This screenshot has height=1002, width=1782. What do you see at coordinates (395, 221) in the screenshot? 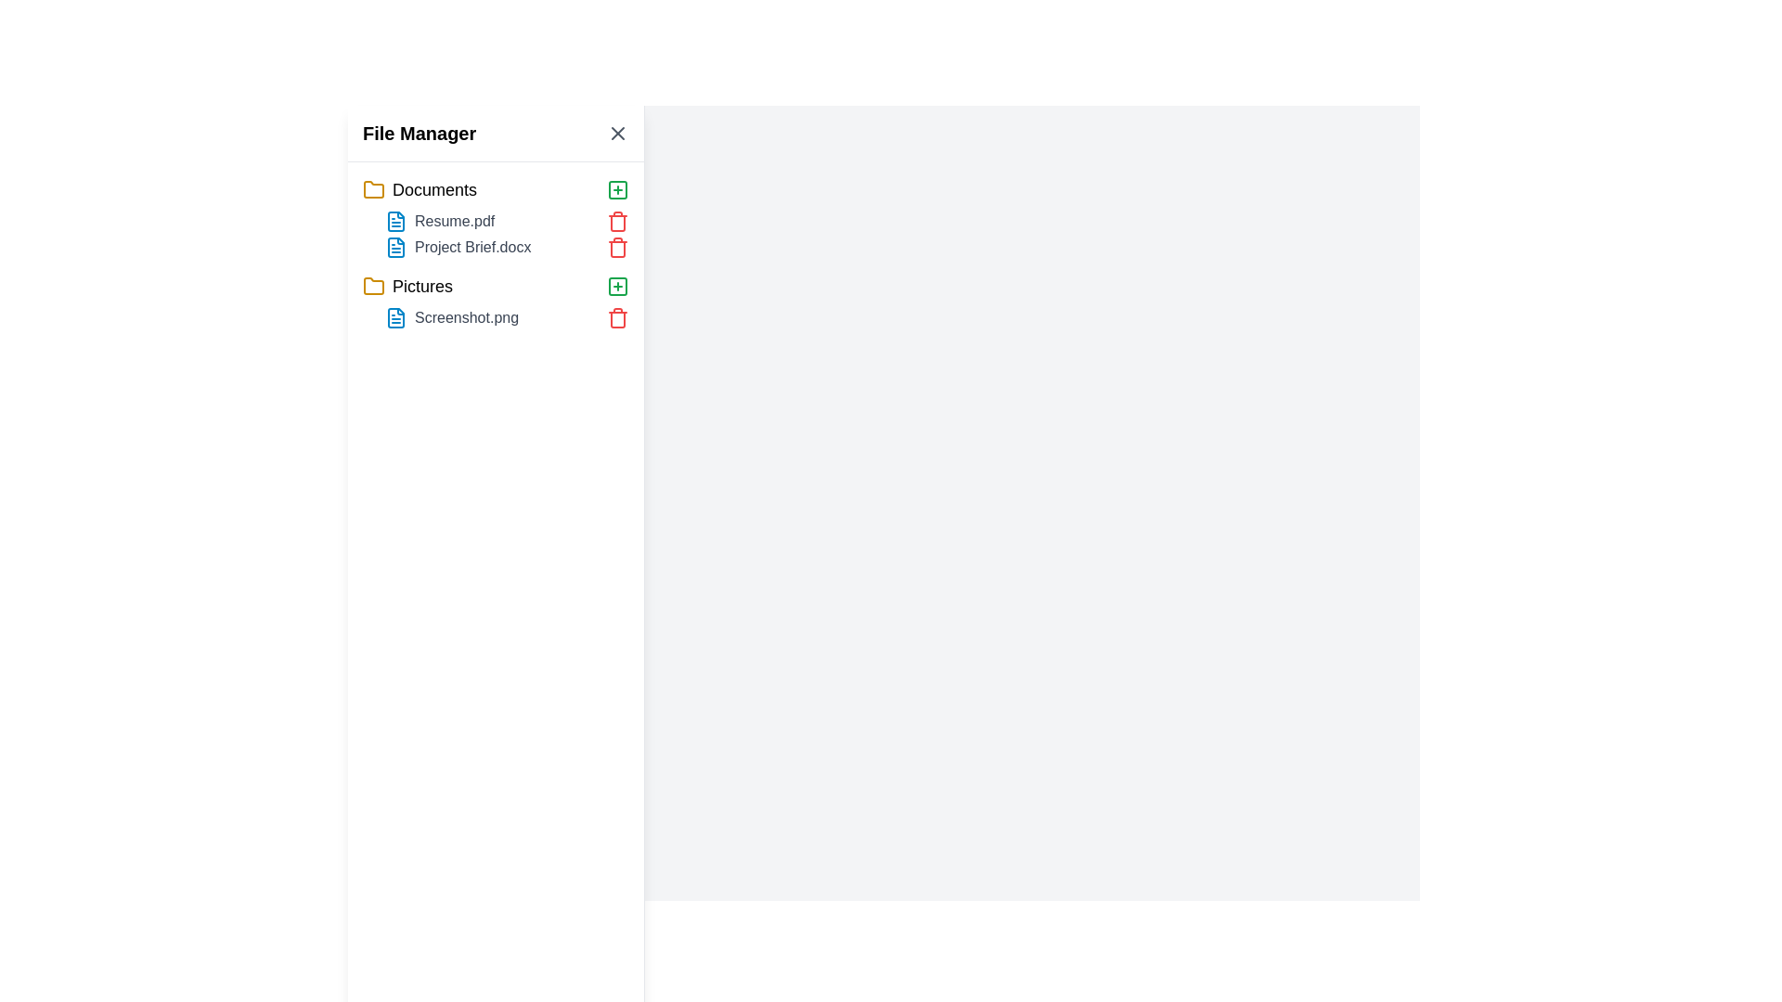
I see `the file document icon representing 'Resume.pdf' located in the 'File Manager' section under 'Documents'` at bounding box center [395, 221].